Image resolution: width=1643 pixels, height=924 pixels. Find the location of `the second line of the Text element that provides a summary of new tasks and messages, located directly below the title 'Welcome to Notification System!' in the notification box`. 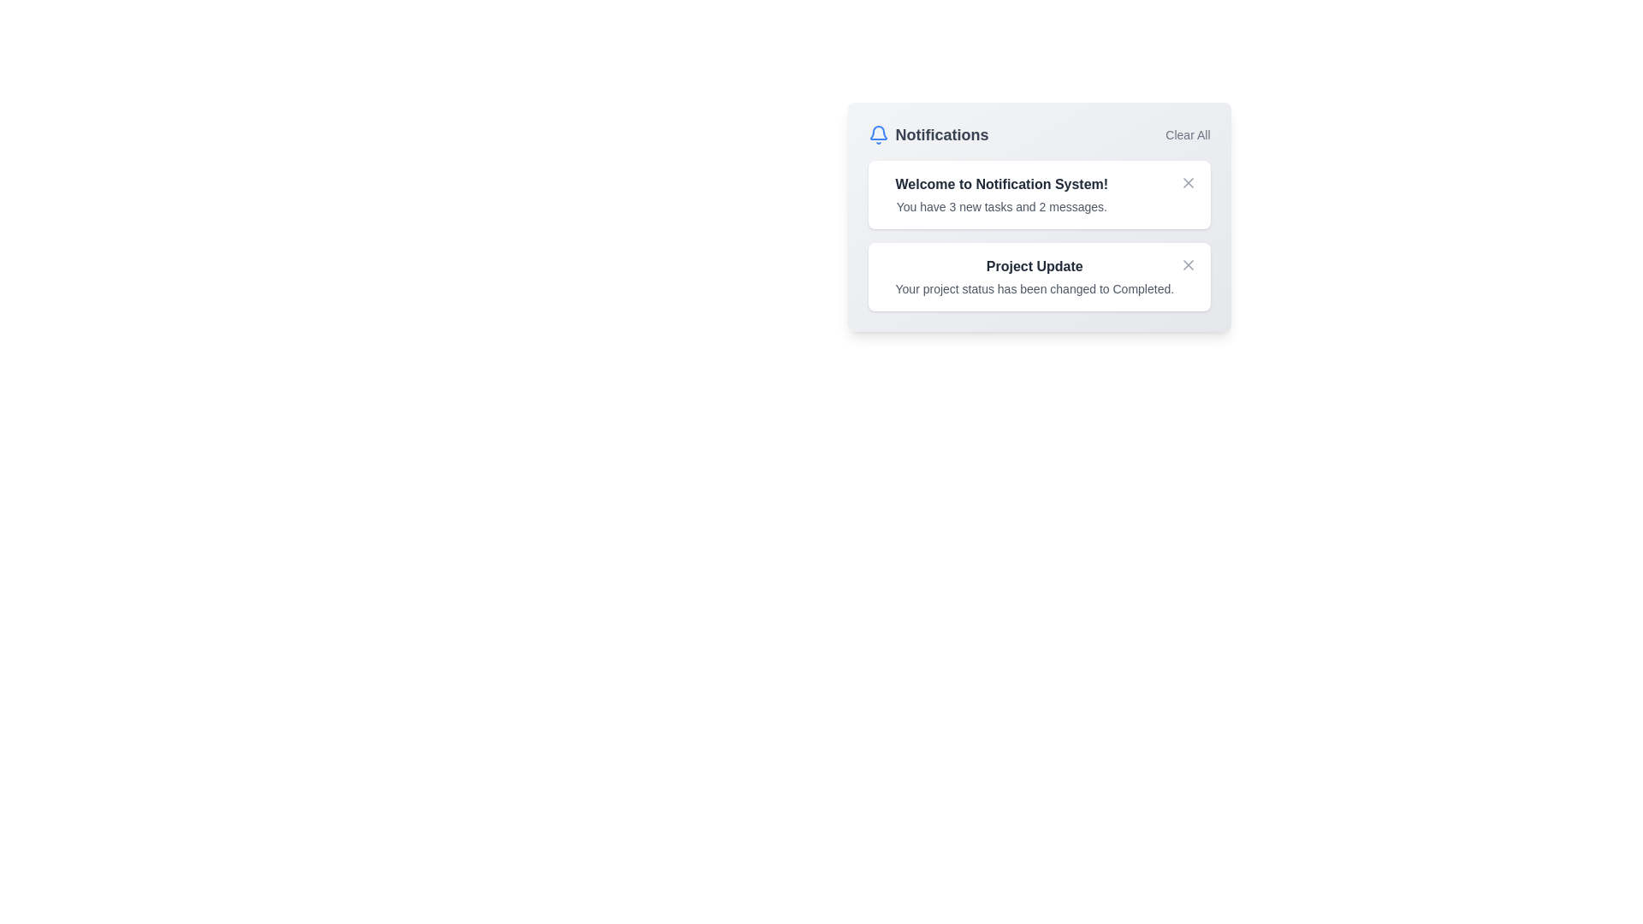

the second line of the Text element that provides a summary of new tasks and messages, located directly below the title 'Welcome to Notification System!' in the notification box is located at coordinates (1001, 206).